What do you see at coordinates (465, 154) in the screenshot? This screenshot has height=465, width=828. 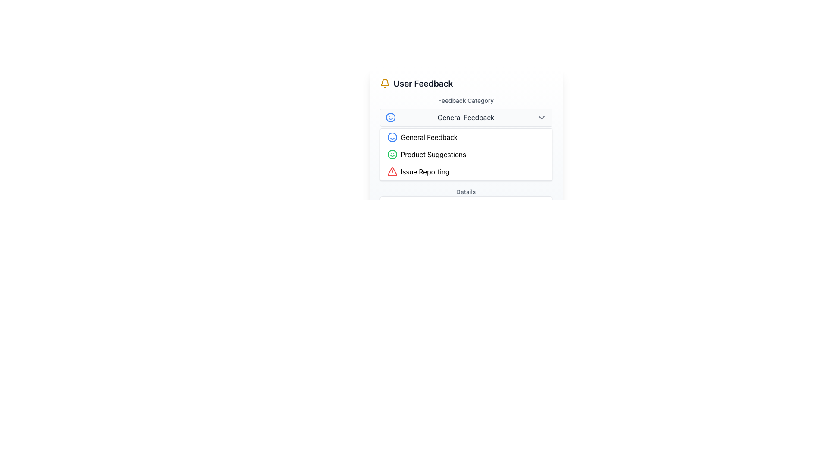 I see `an option from the dropdown list located below the 'Feedback Category' label in the 'User Feedback' form` at bounding box center [465, 154].